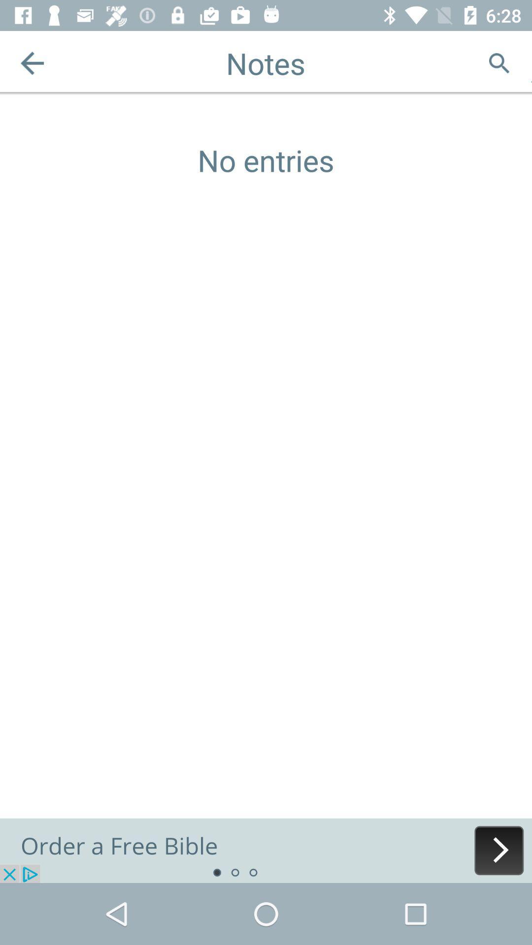 The image size is (532, 945). I want to click on search tool, so click(499, 63).